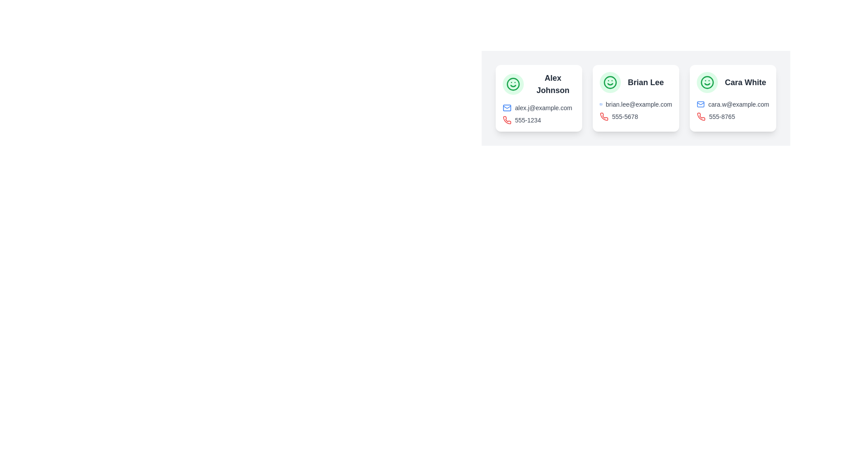  What do you see at coordinates (610, 83) in the screenshot?
I see `the Avatar Icon, a circular icon with a light green background and a smiling face, located in the second user card above the name 'Brian Lee'` at bounding box center [610, 83].